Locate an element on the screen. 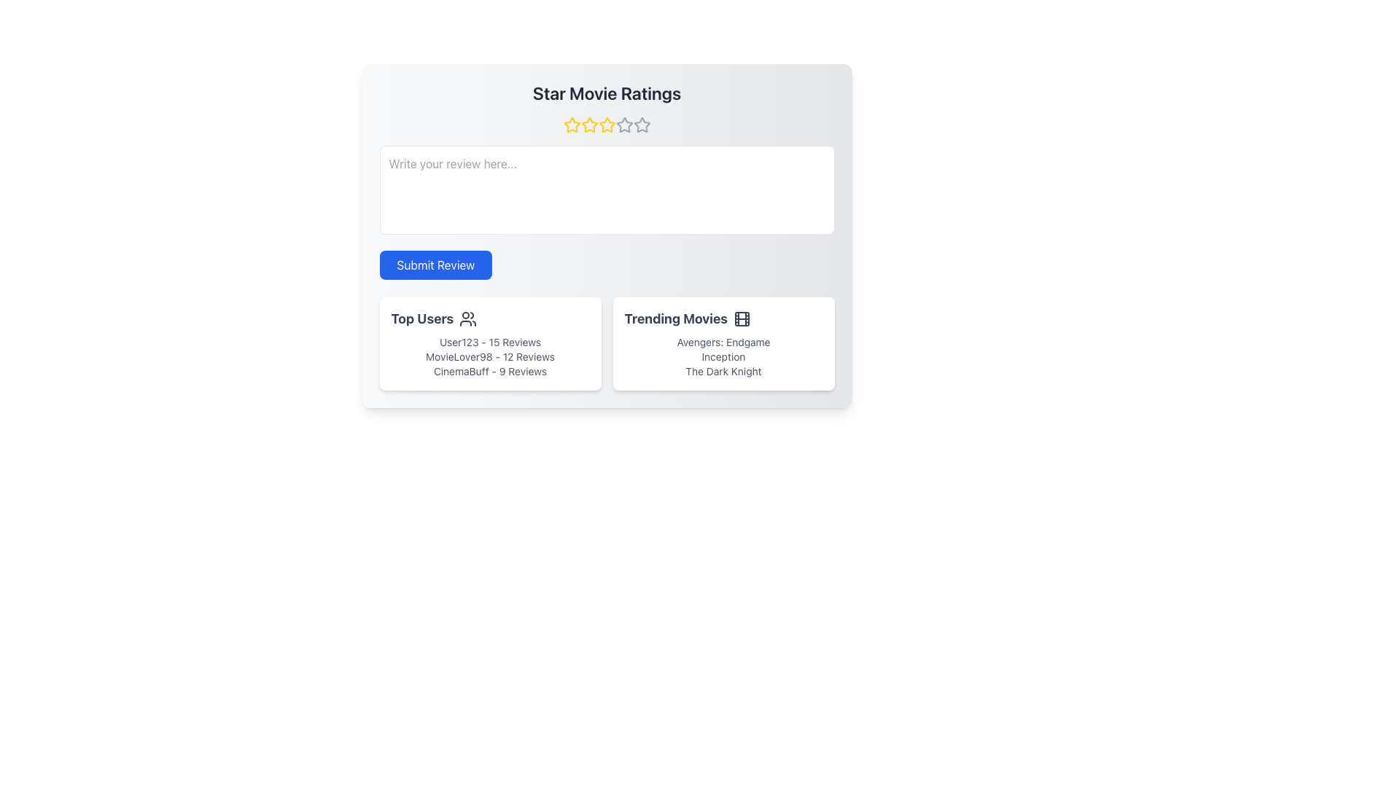 This screenshot has width=1400, height=787. the Decorative icon located at the top-left of the 'Top Users' section, adjacent to its title. This icon is non-interactive but visually represents the section is located at coordinates (468, 318).